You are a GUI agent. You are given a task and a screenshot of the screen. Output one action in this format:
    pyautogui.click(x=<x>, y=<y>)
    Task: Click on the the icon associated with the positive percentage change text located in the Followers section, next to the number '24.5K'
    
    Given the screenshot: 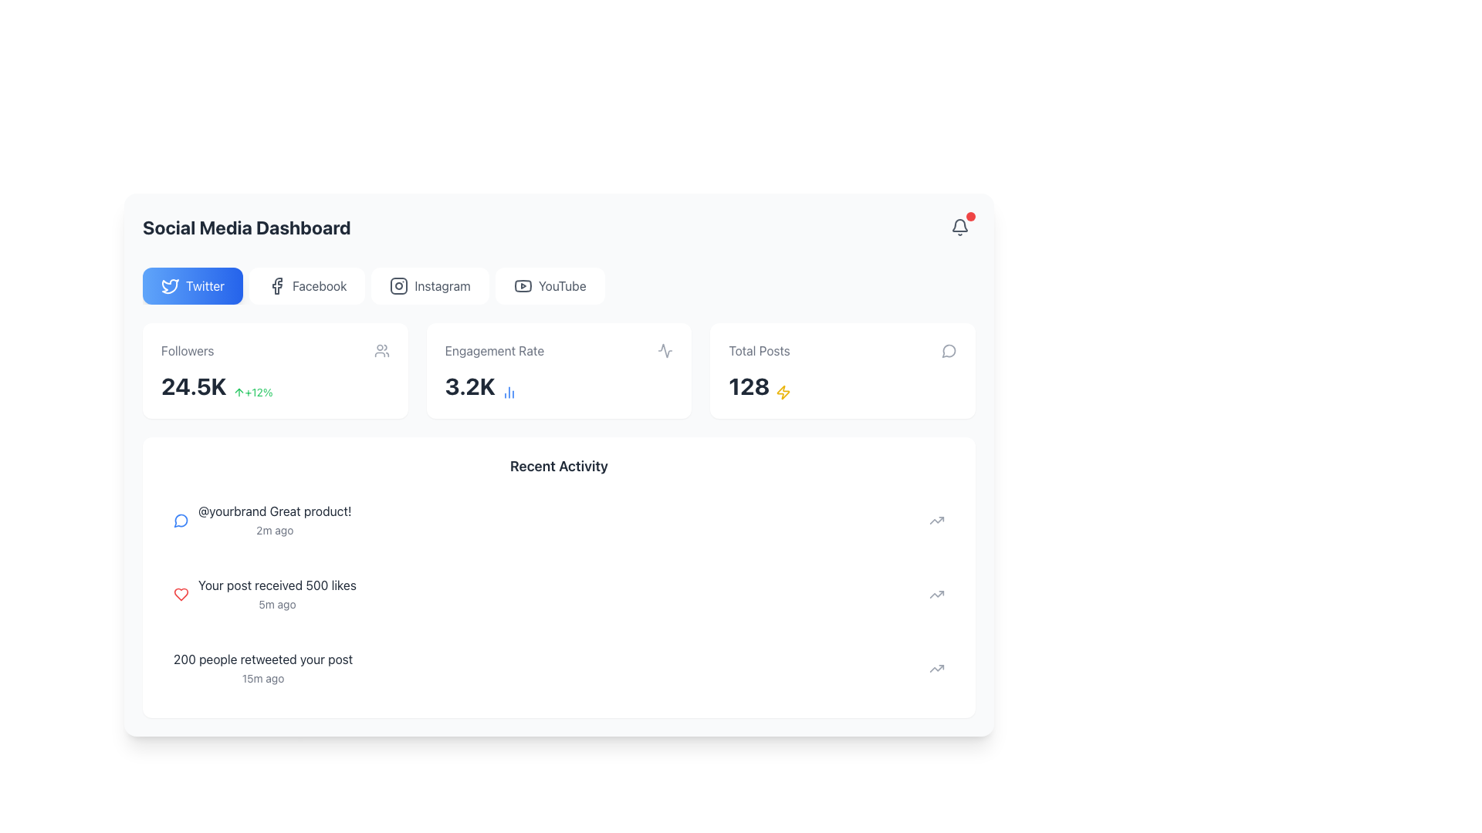 What is the action you would take?
    pyautogui.click(x=252, y=392)
    